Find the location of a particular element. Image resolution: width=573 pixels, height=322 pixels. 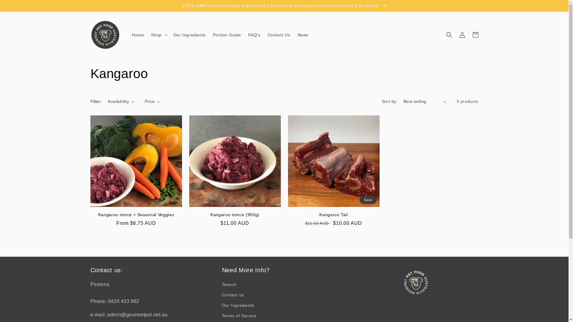

'Log in' is located at coordinates (462, 35).